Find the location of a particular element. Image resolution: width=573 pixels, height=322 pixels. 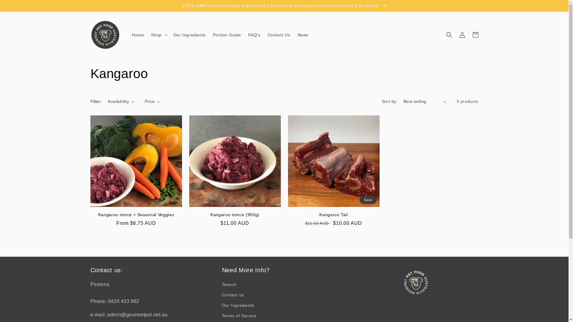

'Log in' is located at coordinates (462, 35).